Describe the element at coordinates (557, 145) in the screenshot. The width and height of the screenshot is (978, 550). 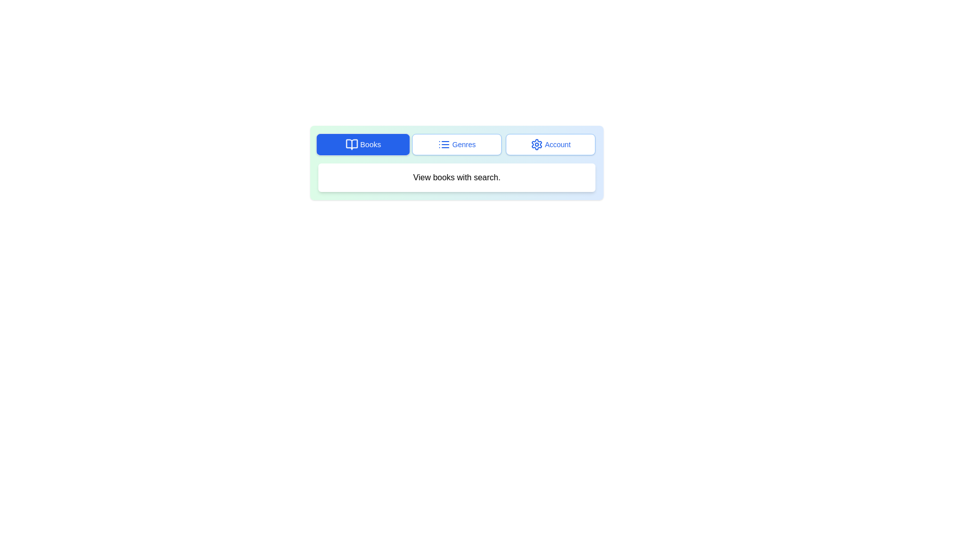
I see `the 'Account' text label which indicates user account settings within the navigation toolbar` at that location.